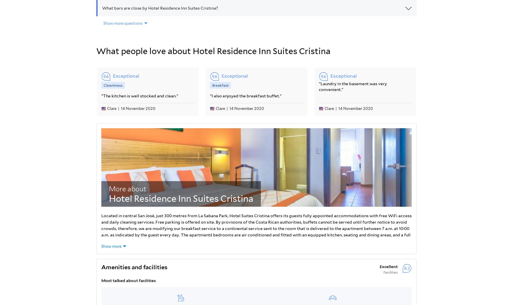  Describe the element at coordinates (128, 280) in the screenshot. I see `'Most talked about facilities'` at that location.